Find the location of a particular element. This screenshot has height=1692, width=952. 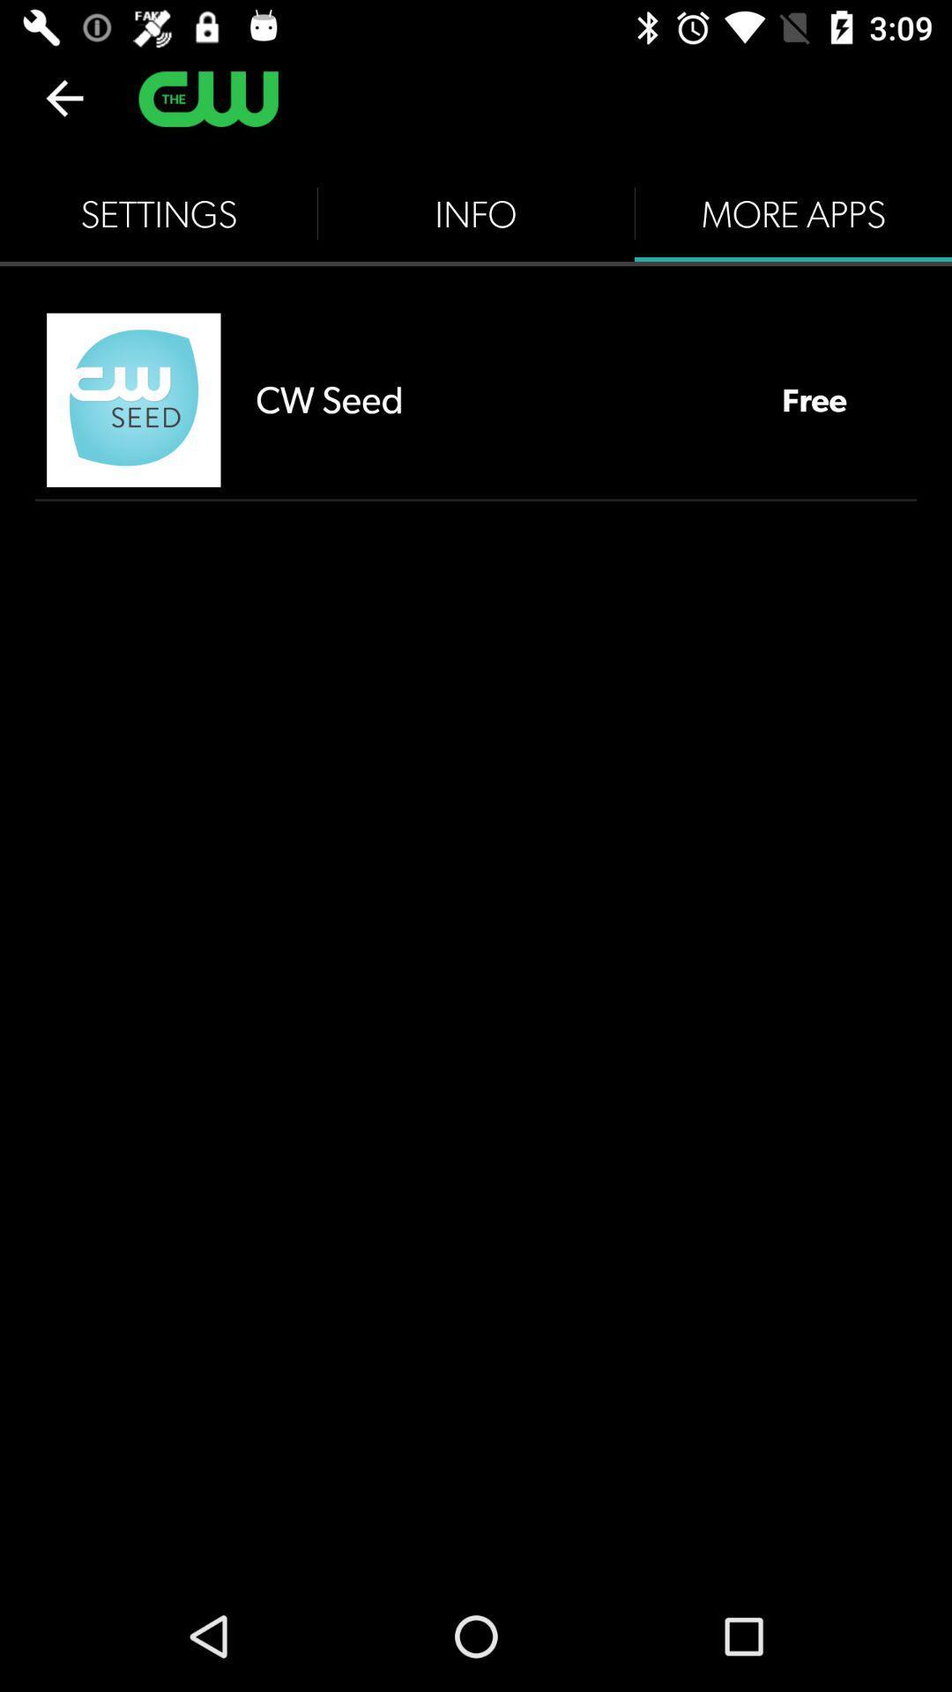

the item above cw seed item is located at coordinates (476, 213).